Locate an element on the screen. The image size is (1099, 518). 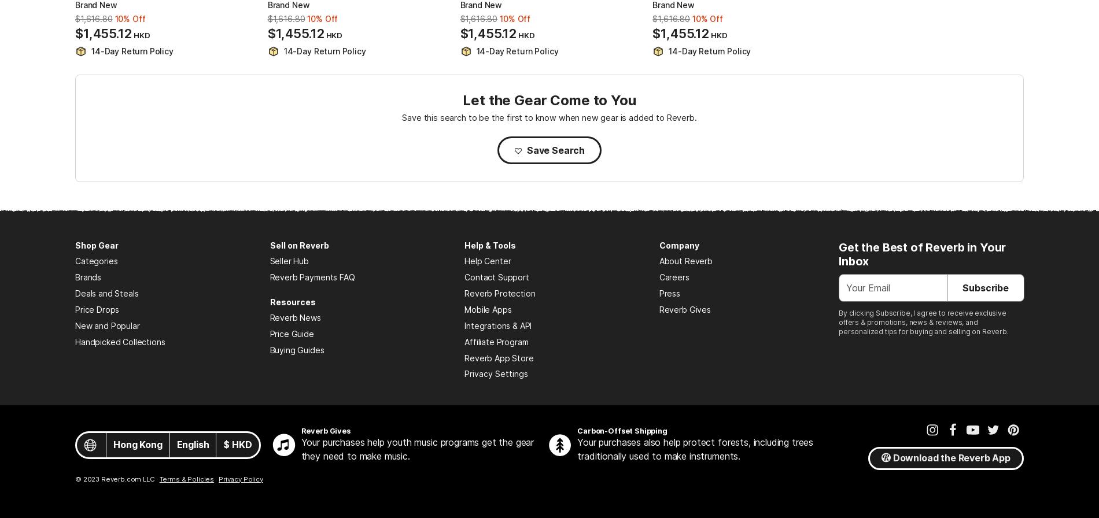
'Deals and Steals' is located at coordinates (106, 293).